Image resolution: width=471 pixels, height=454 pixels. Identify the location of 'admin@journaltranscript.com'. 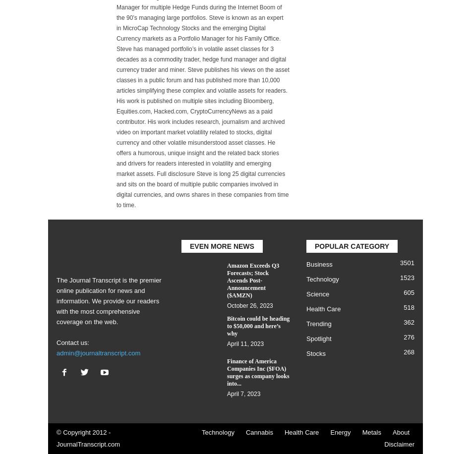
(98, 352).